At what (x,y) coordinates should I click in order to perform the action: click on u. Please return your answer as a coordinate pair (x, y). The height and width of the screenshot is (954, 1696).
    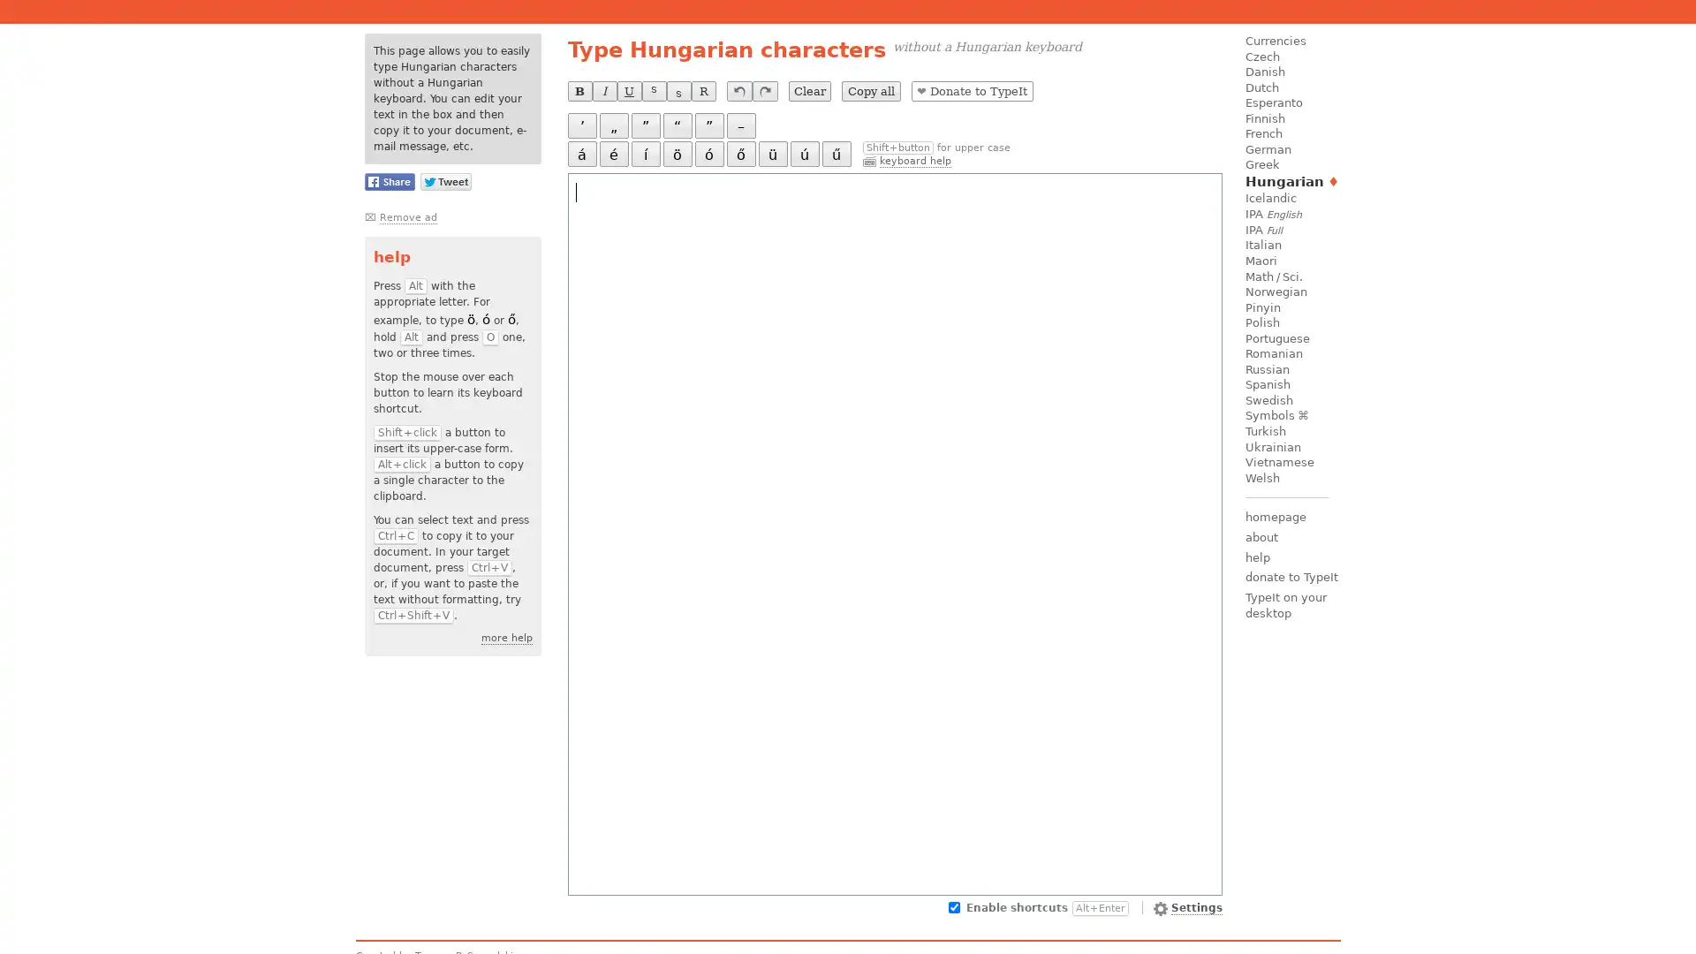
    Looking at the image, I should click on (772, 153).